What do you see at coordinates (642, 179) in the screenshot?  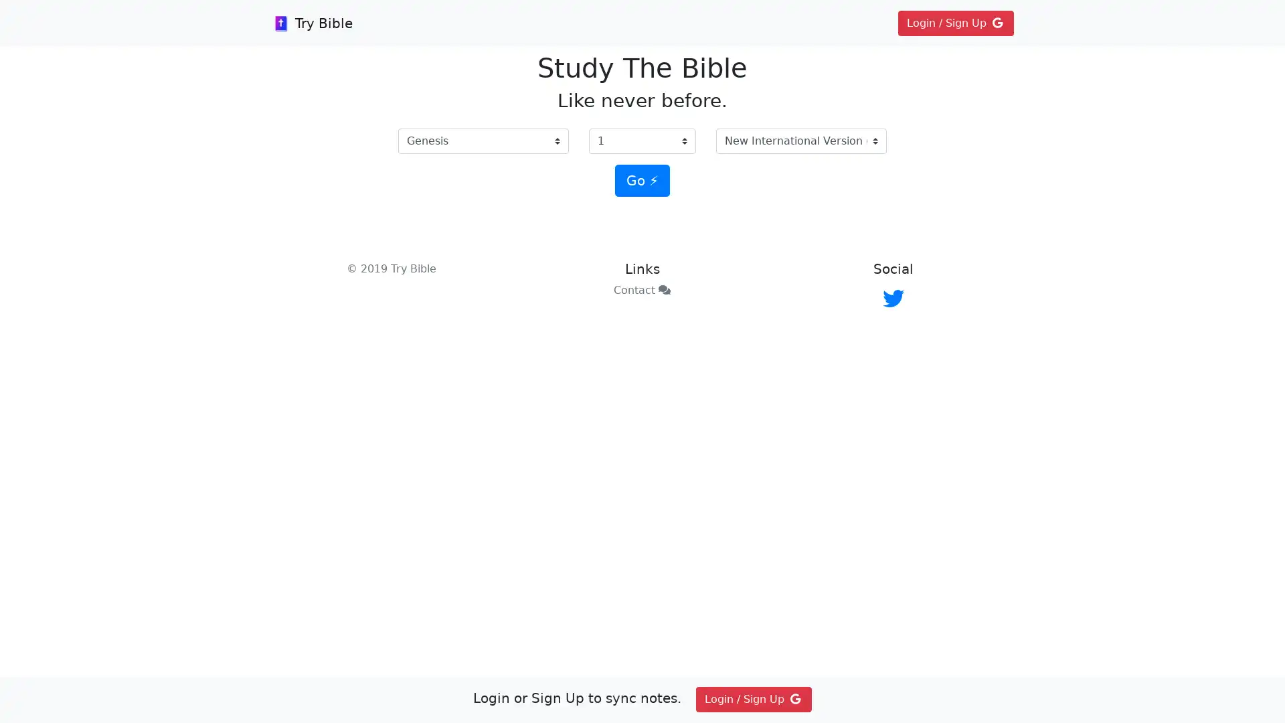 I see `Go` at bounding box center [642, 179].